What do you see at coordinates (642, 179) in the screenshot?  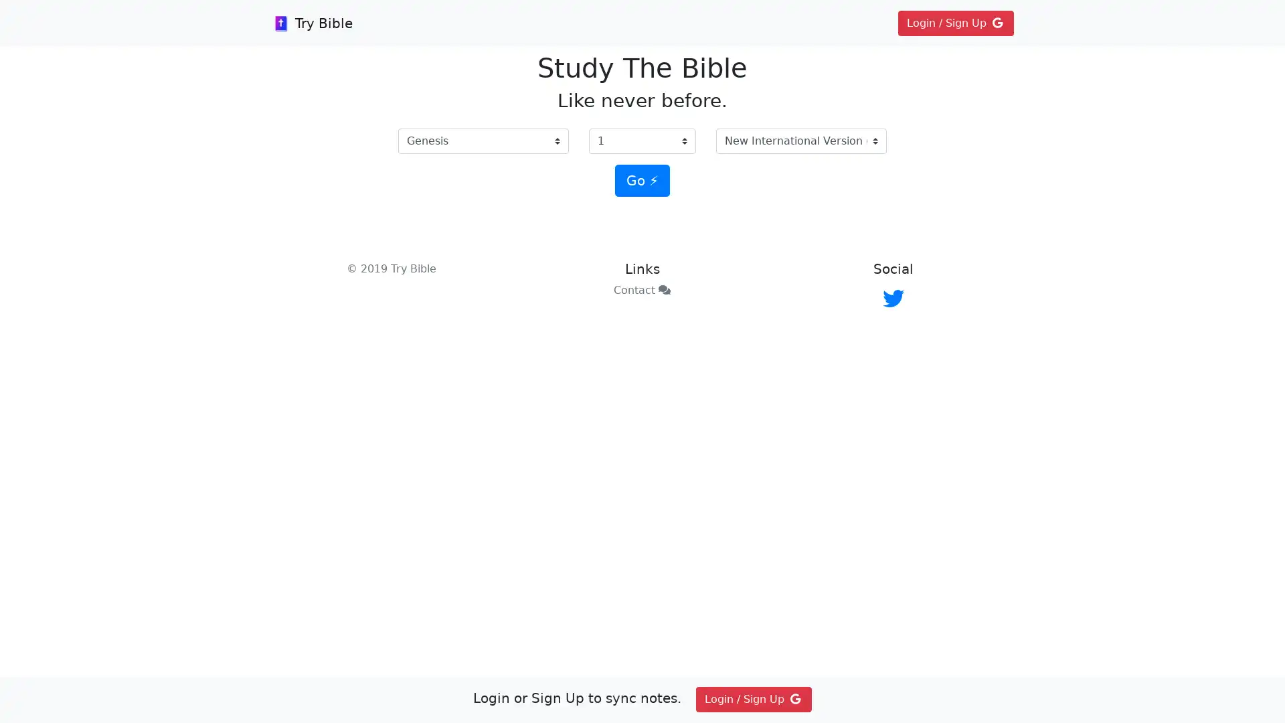 I see `Go` at bounding box center [642, 179].